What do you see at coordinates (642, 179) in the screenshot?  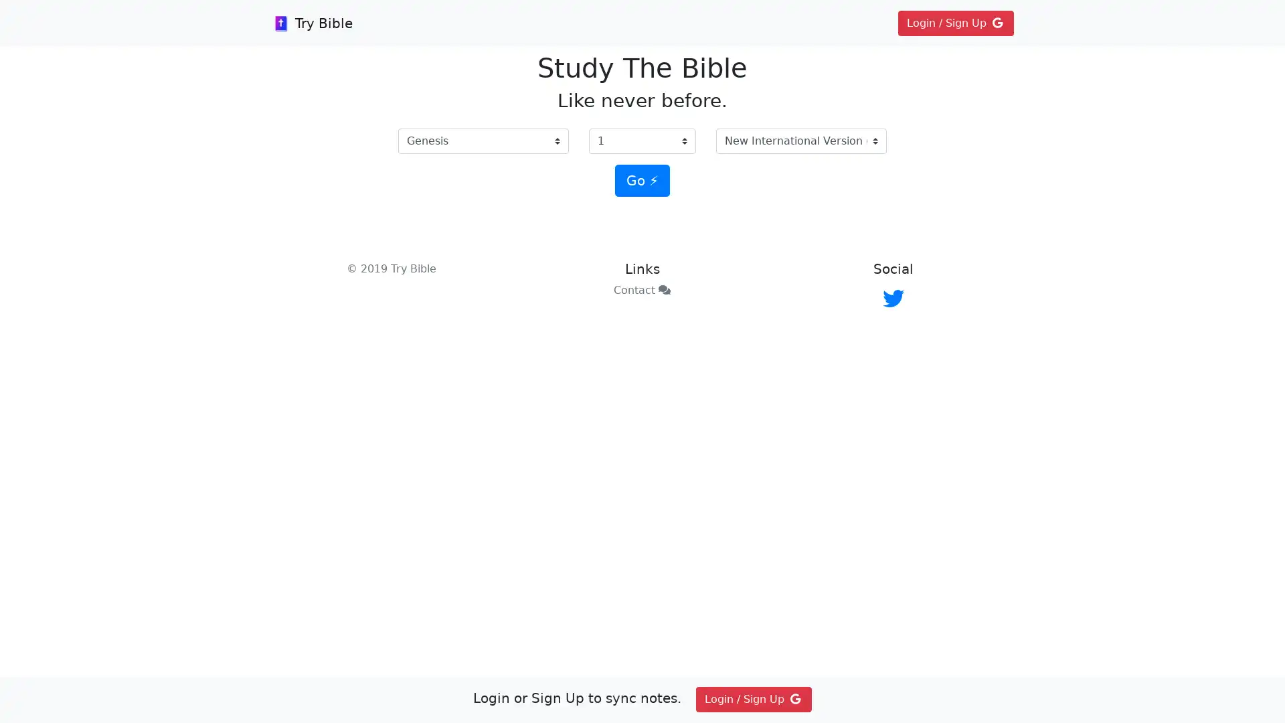 I see `Go` at bounding box center [642, 179].